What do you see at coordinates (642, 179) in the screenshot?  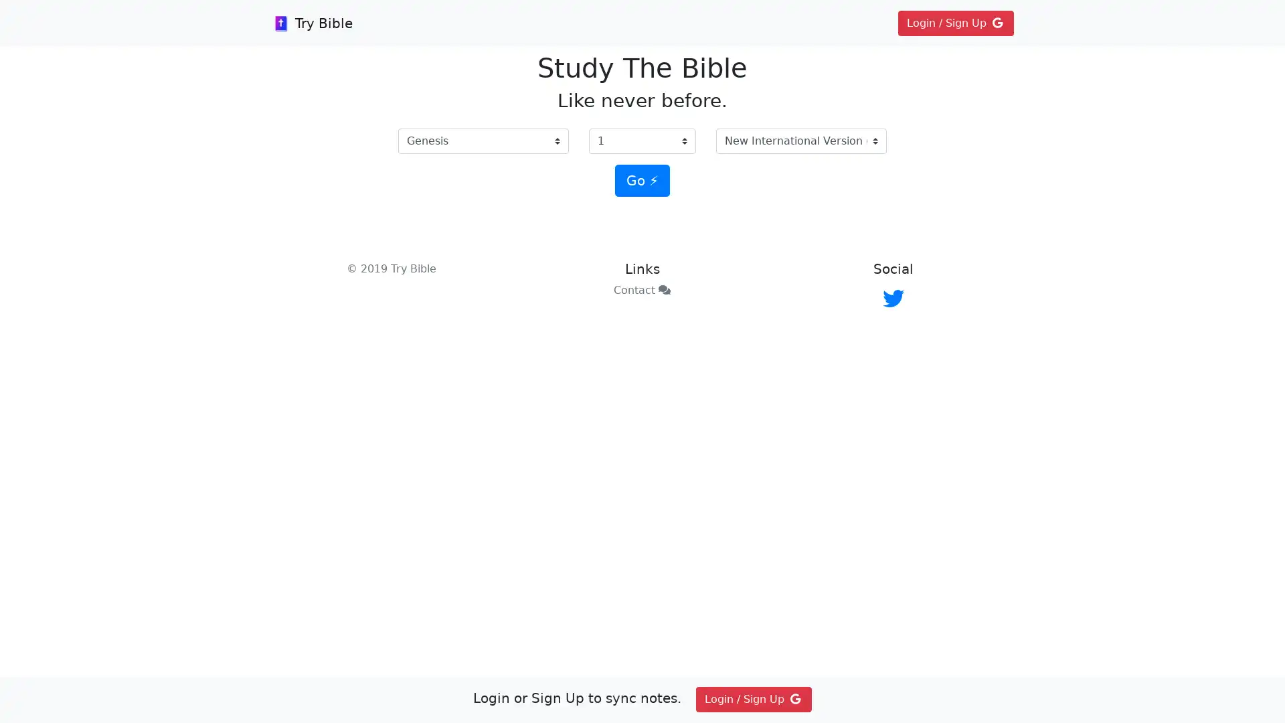 I see `Go` at bounding box center [642, 179].